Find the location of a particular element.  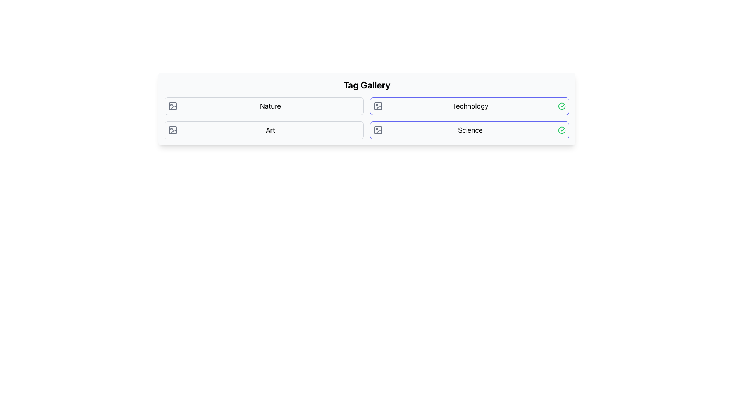

the icon representing the 'image' category located to the left of the 'Technology' button, which enhances the understanding of the button's purpose is located at coordinates (378, 106).